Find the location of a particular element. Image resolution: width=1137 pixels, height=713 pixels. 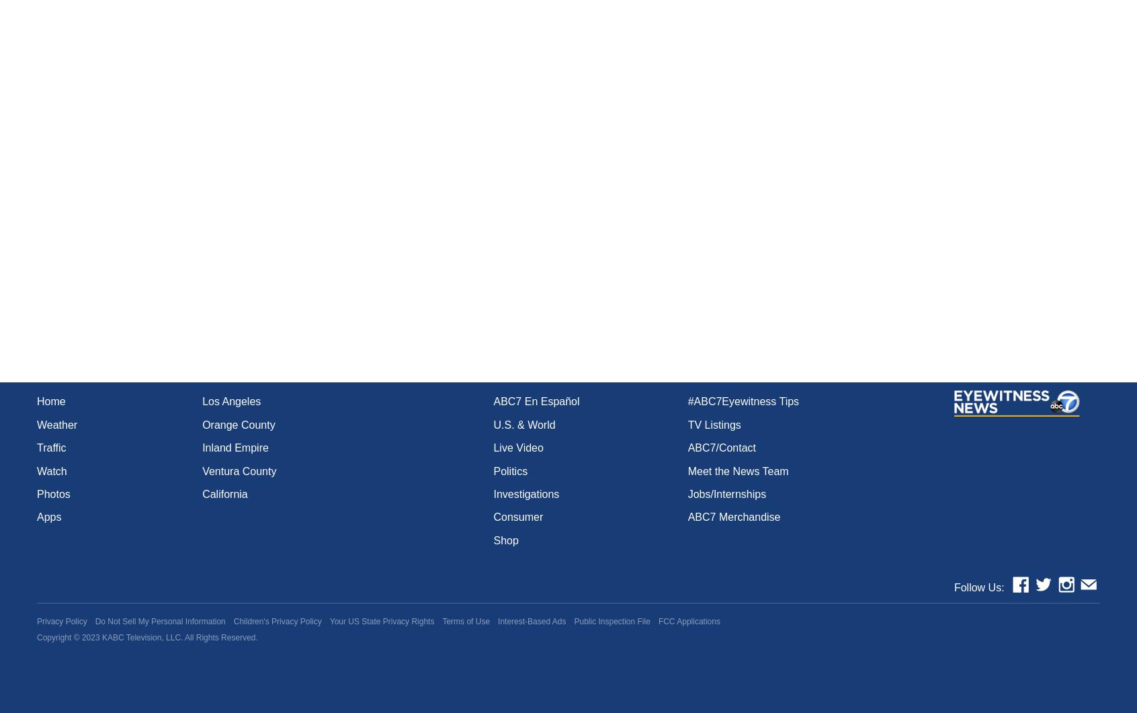

'Children's Privacy Policy' is located at coordinates (277, 620).